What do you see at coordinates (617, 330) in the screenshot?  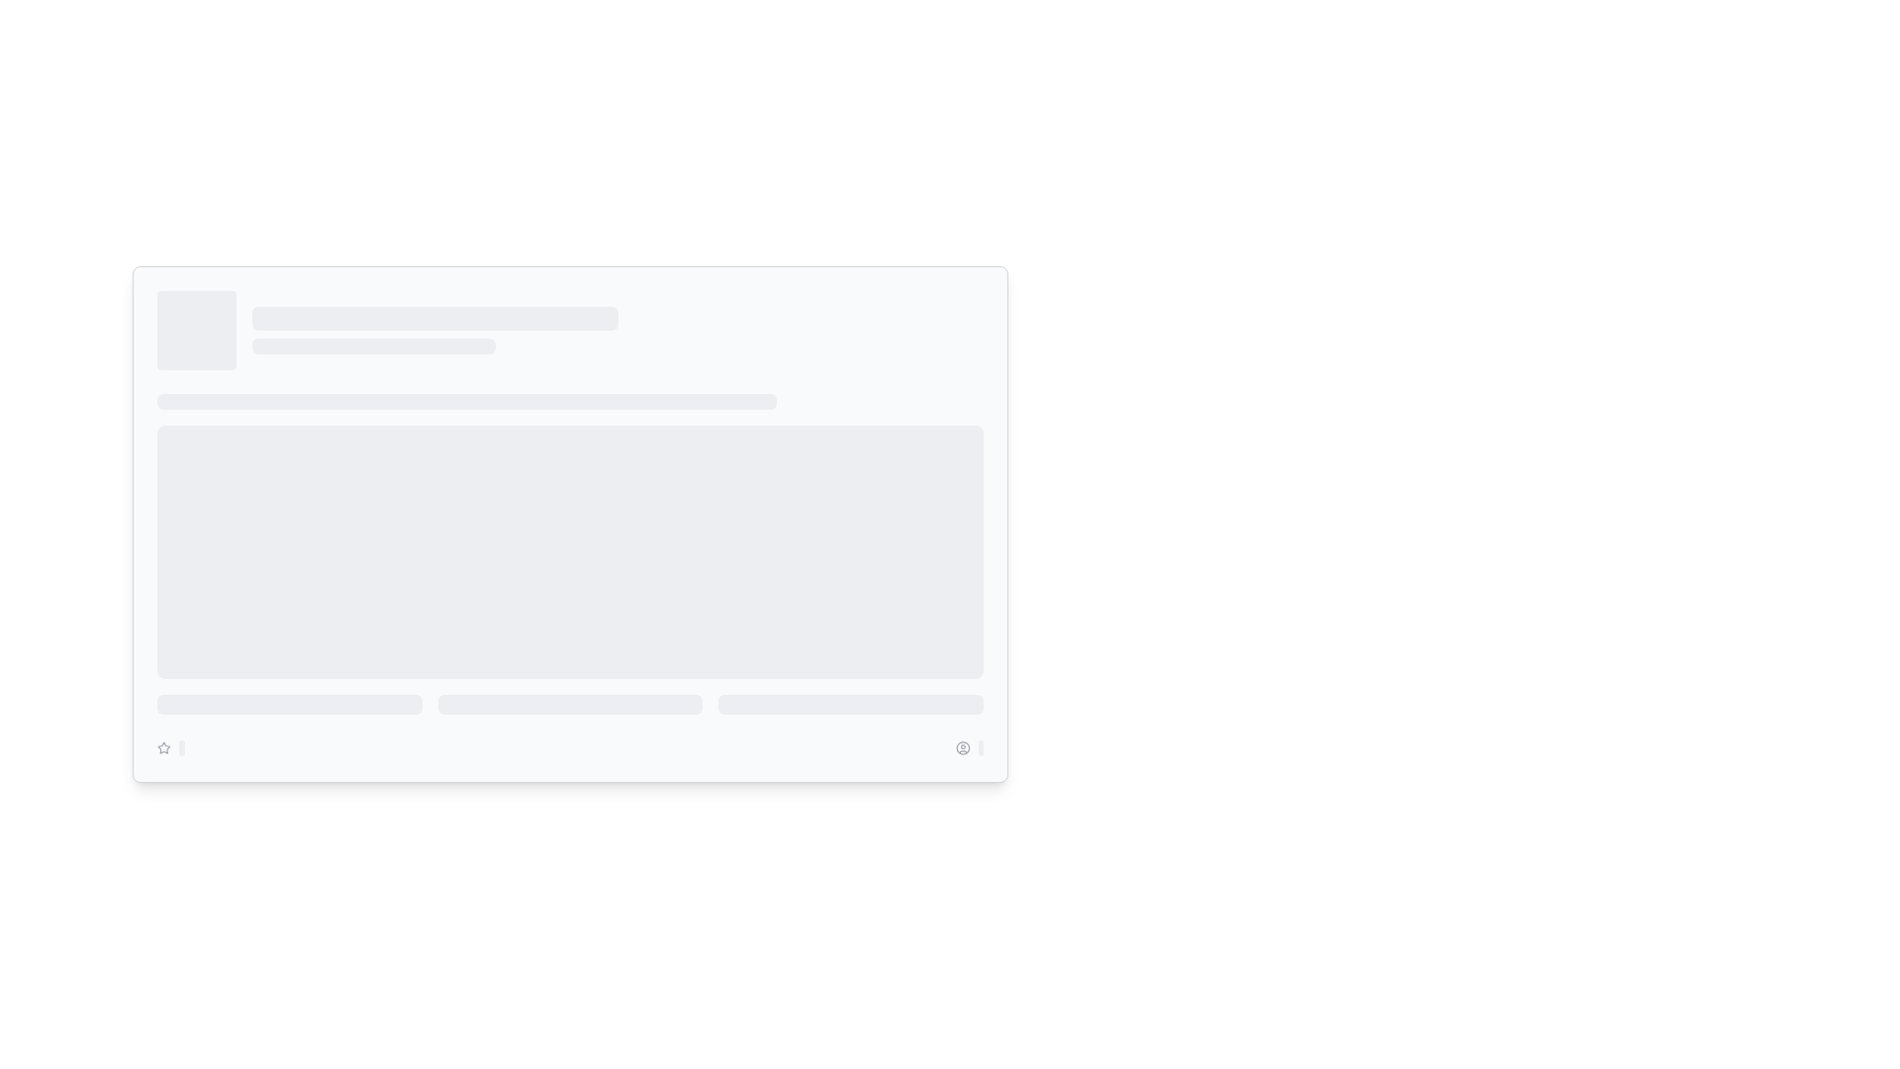 I see `the Placeholder component with loading animation, which consists of two horizontal bars stacked vertically, where the upper bar is longer and both bars have a gray color and pulsating animation` at bounding box center [617, 330].